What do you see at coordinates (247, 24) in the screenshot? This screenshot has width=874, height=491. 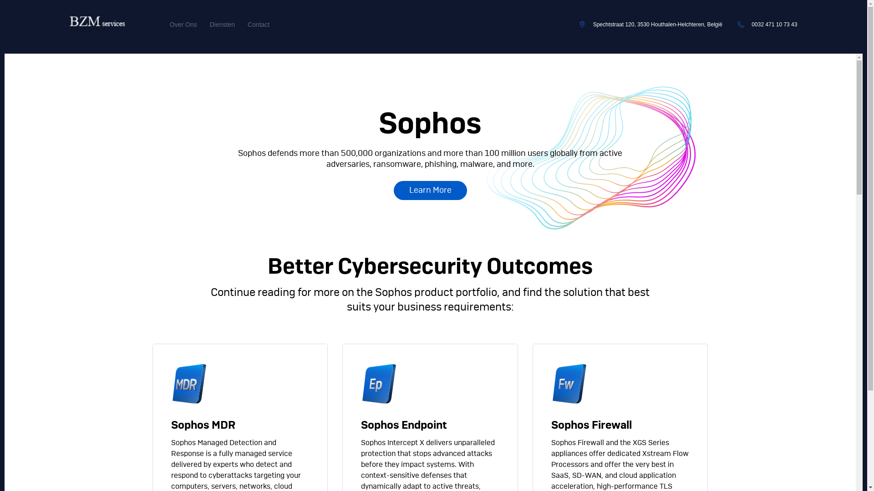 I see `'Contact'` at bounding box center [247, 24].